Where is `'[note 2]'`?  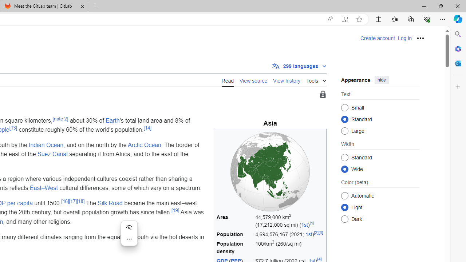
'[note 2]' is located at coordinates (60, 118).